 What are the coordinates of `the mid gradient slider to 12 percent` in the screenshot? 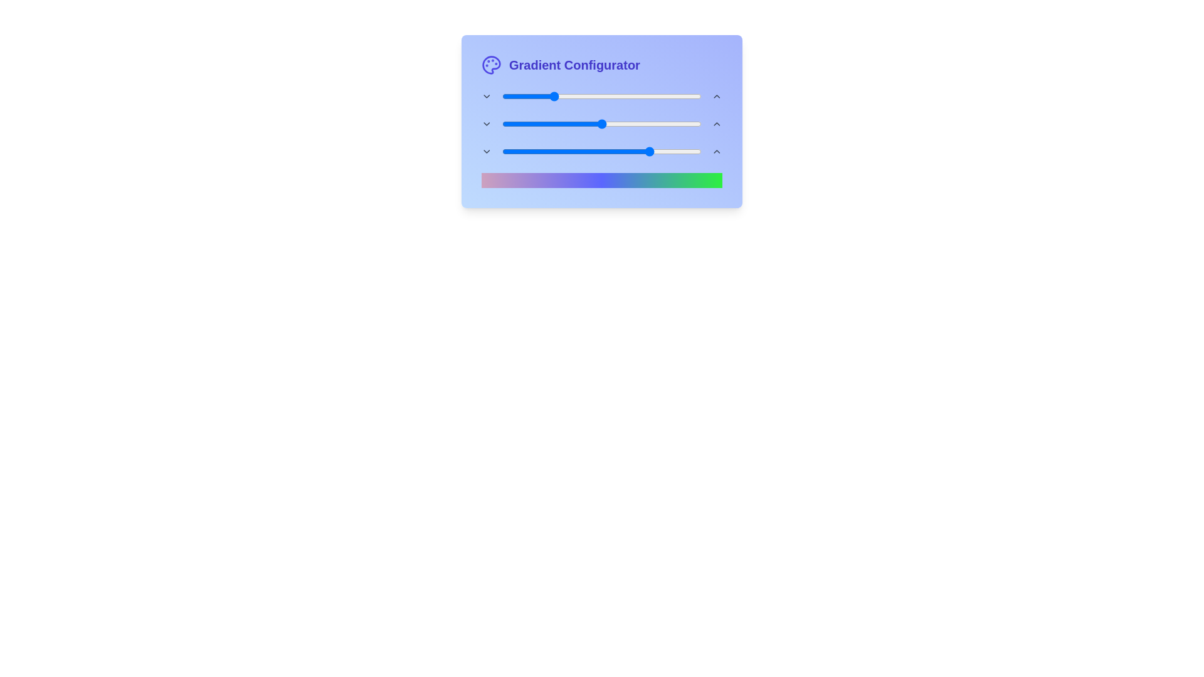 It's located at (525, 123).